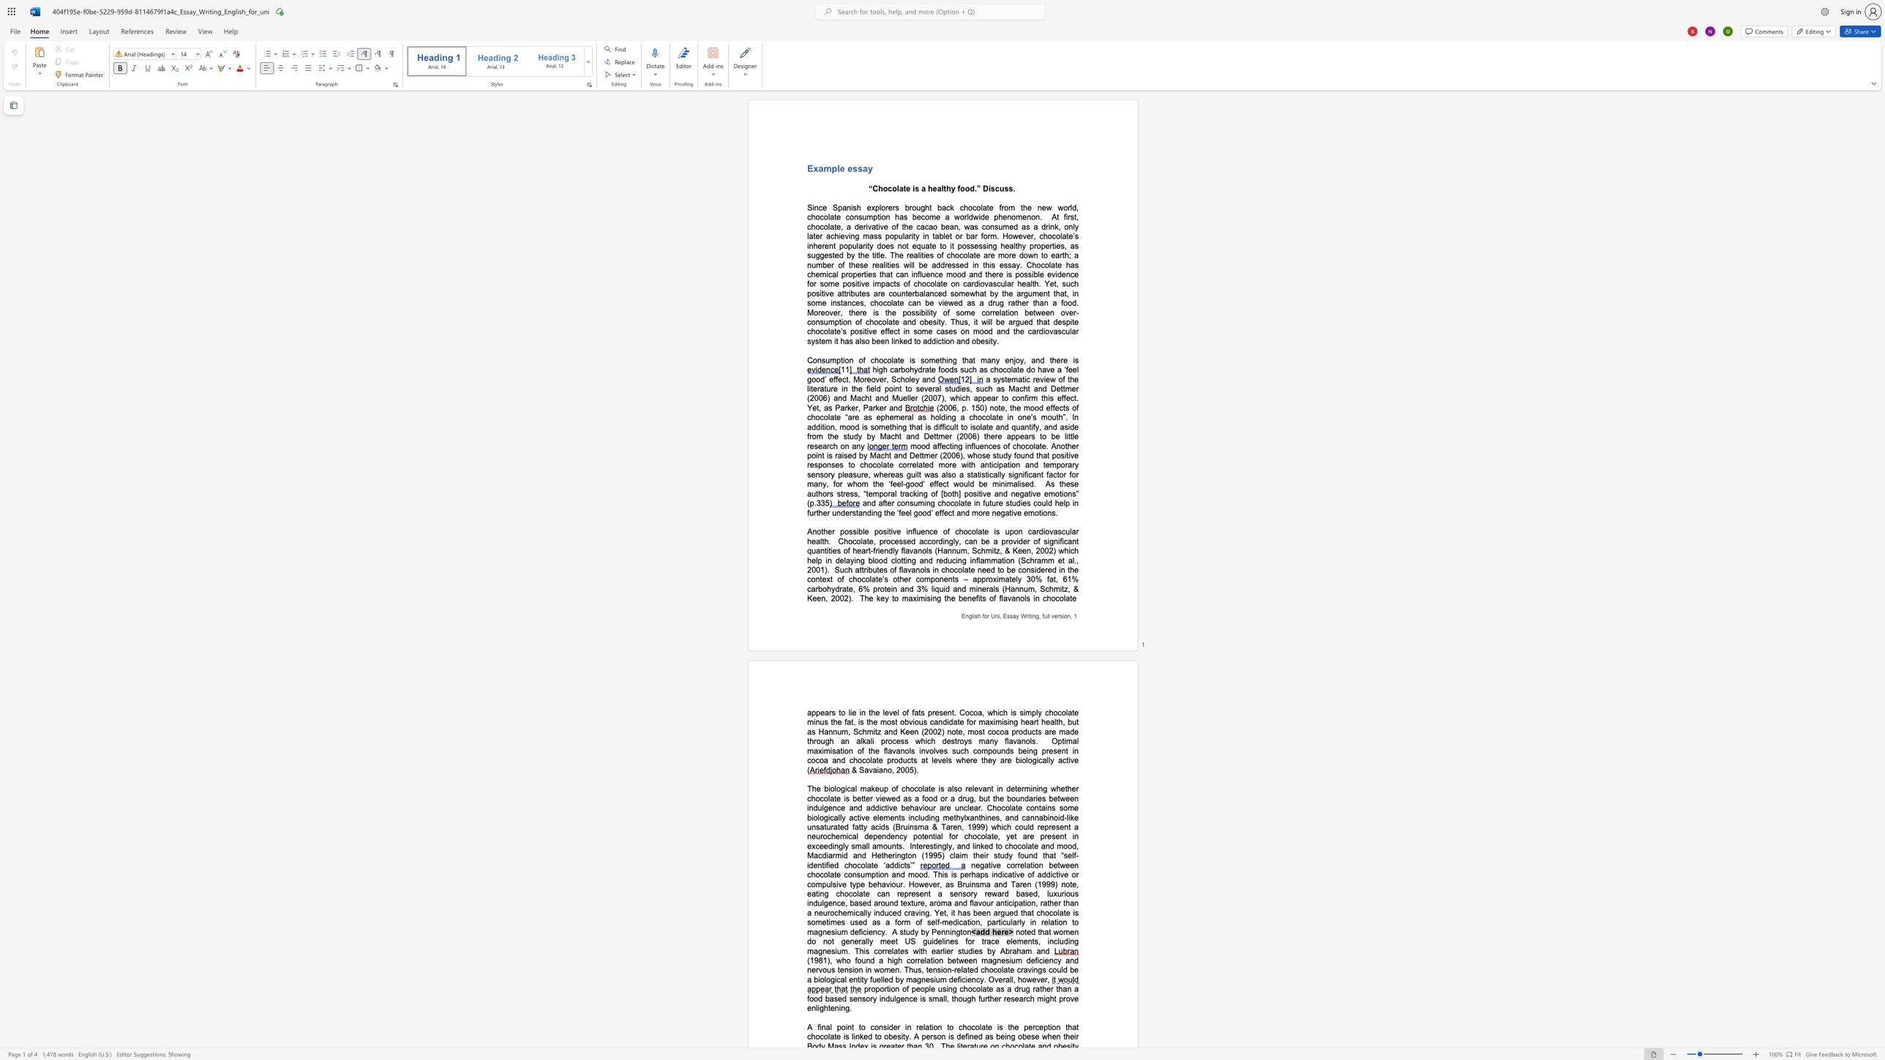 The image size is (1885, 1060). Describe the element at coordinates (1015, 245) in the screenshot. I see `the subset text "thy properties, as suggested by the title. The realities of chocolate are more down to earth; a number of these realities will be addressed in this essa" within the text "healthy properties, as suggested by the title. The realities of chocolate are more down to earth; a number of these realities will be addressed in this essay. Chocolate has ch"` at that location.